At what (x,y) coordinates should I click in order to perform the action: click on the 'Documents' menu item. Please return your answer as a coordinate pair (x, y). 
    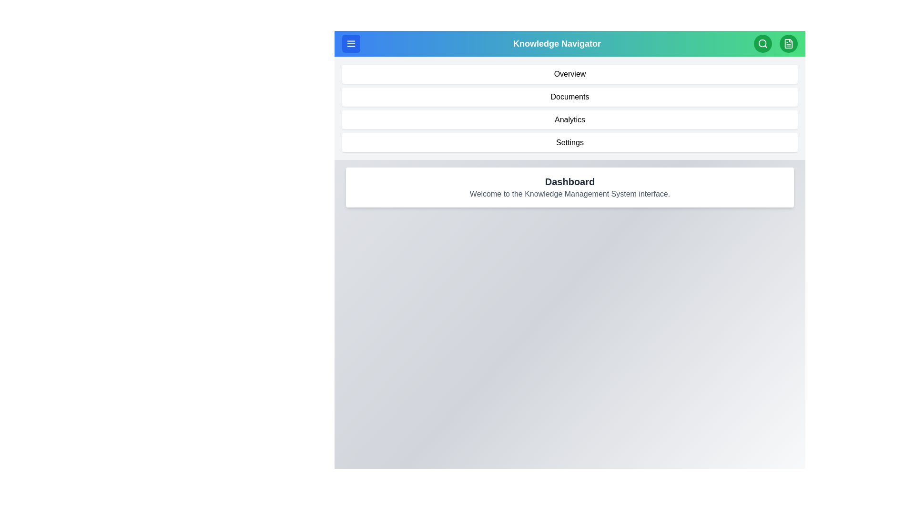
    Looking at the image, I should click on (569, 97).